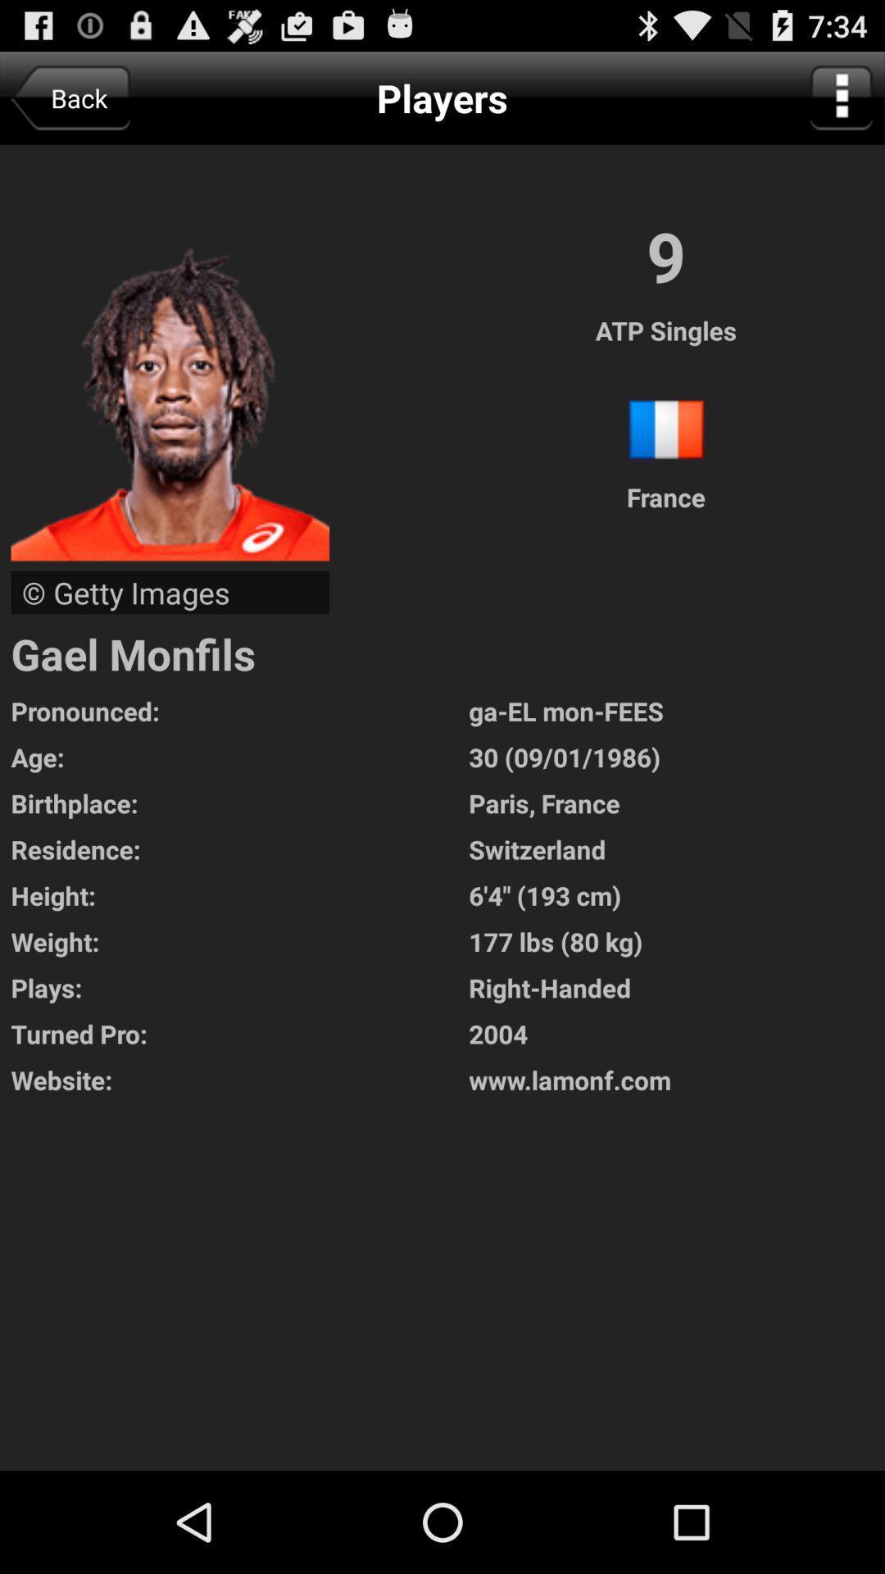 Image resolution: width=885 pixels, height=1574 pixels. I want to click on the birthplace: icon, so click(239, 803).